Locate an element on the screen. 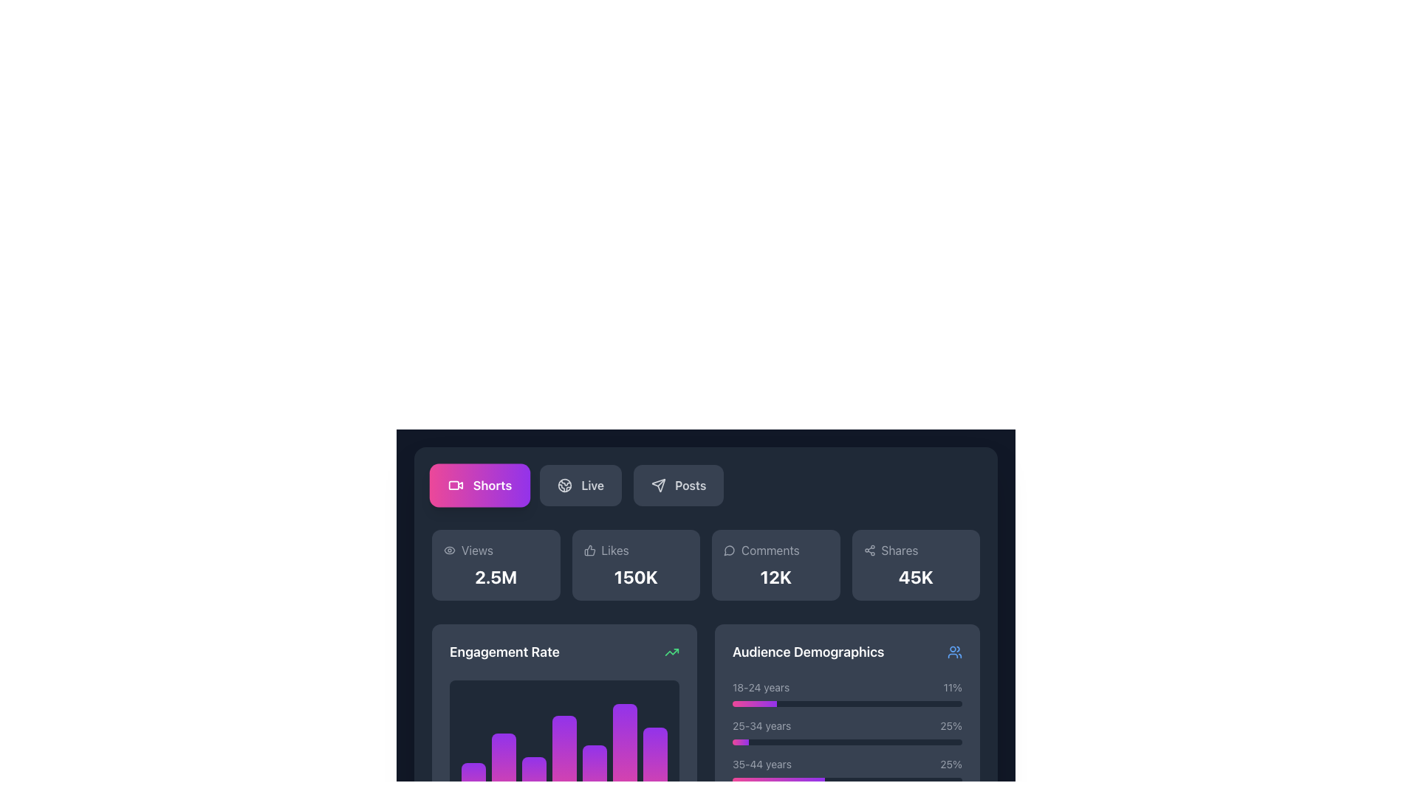 The height and width of the screenshot is (797, 1418). the 'Shares' label text is located at coordinates (915, 550).